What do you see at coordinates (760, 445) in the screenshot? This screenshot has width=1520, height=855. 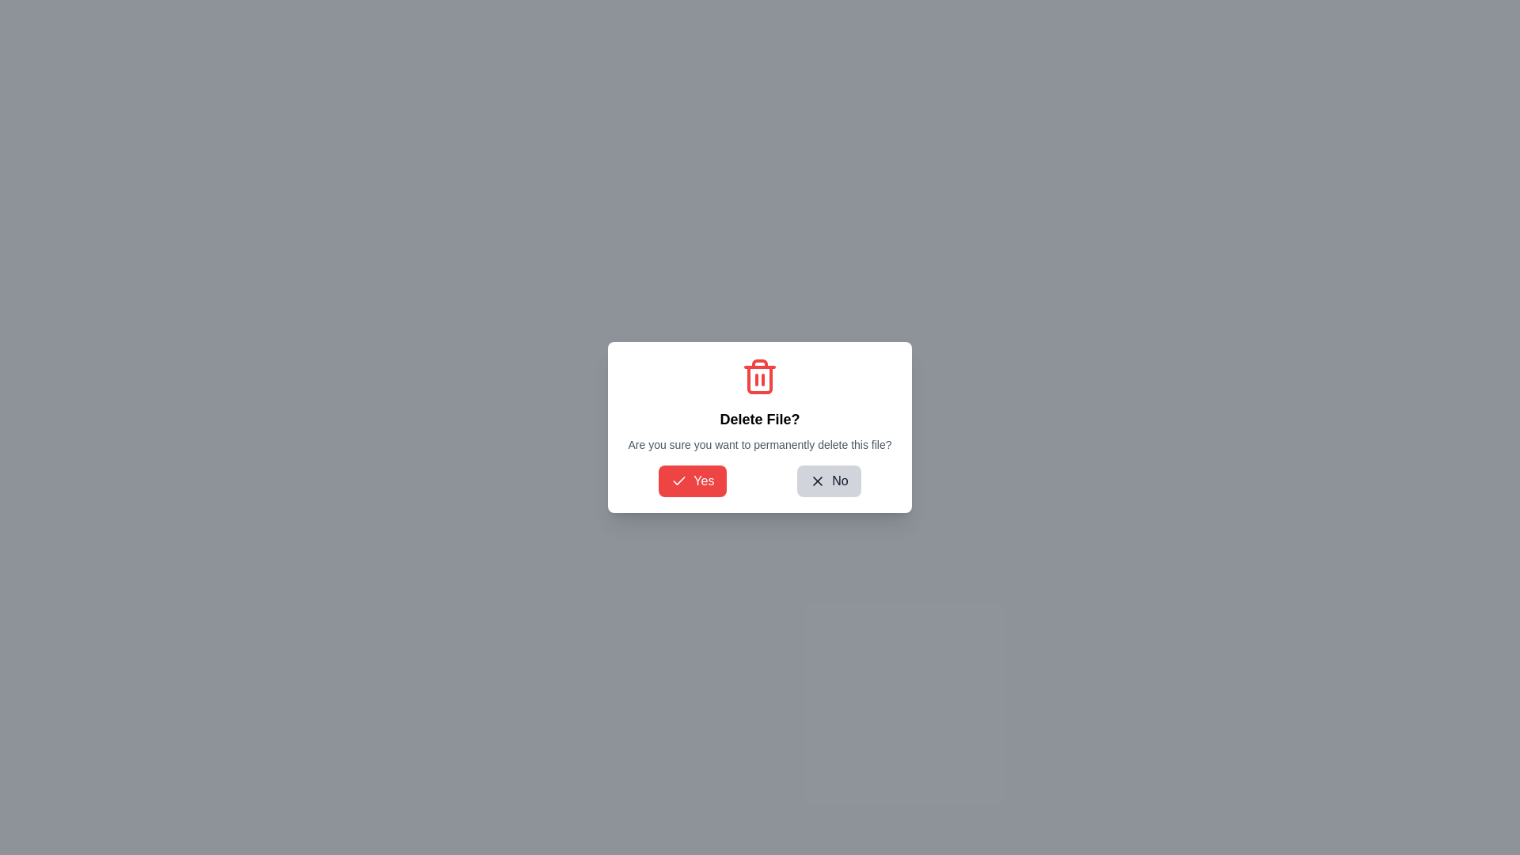 I see `the Text Label that asks for confirmation about the deletion of a file, positioned below the heading 'Delete File?' and above the 'Yes' and 'No' buttons` at bounding box center [760, 445].